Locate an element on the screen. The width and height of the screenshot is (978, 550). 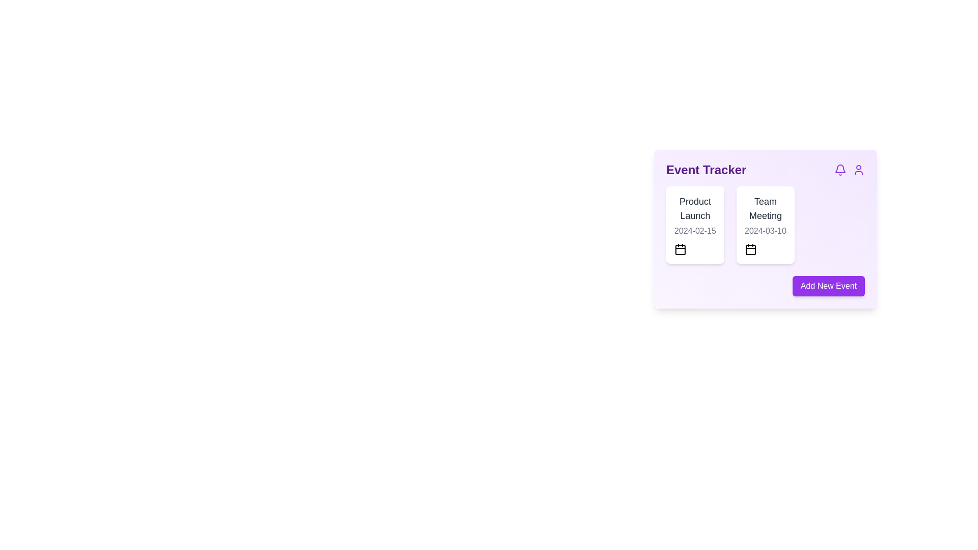
the calendar icon located in the bottom-left corner of the right card in the Event Tracker UI, below the date '2024-03-10' is located at coordinates (750, 250).